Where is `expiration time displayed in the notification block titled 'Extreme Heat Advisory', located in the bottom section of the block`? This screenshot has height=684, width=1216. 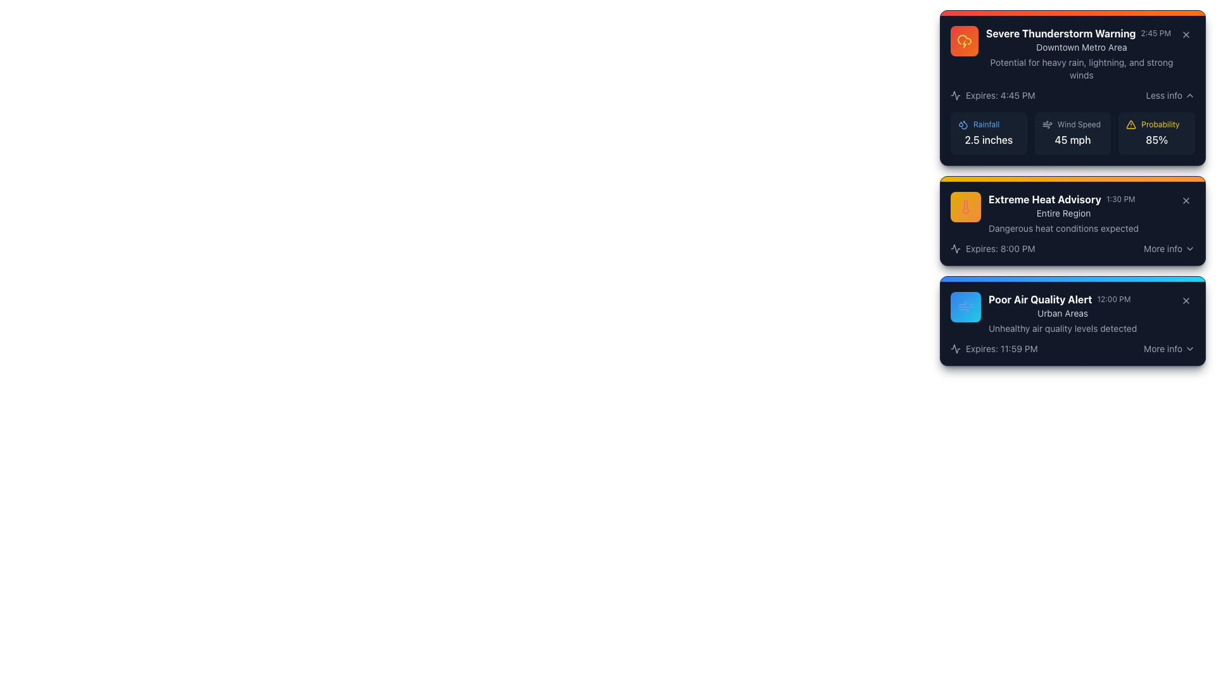
expiration time displayed in the notification block titled 'Extreme Heat Advisory', located in the bottom section of the block is located at coordinates (1072, 249).